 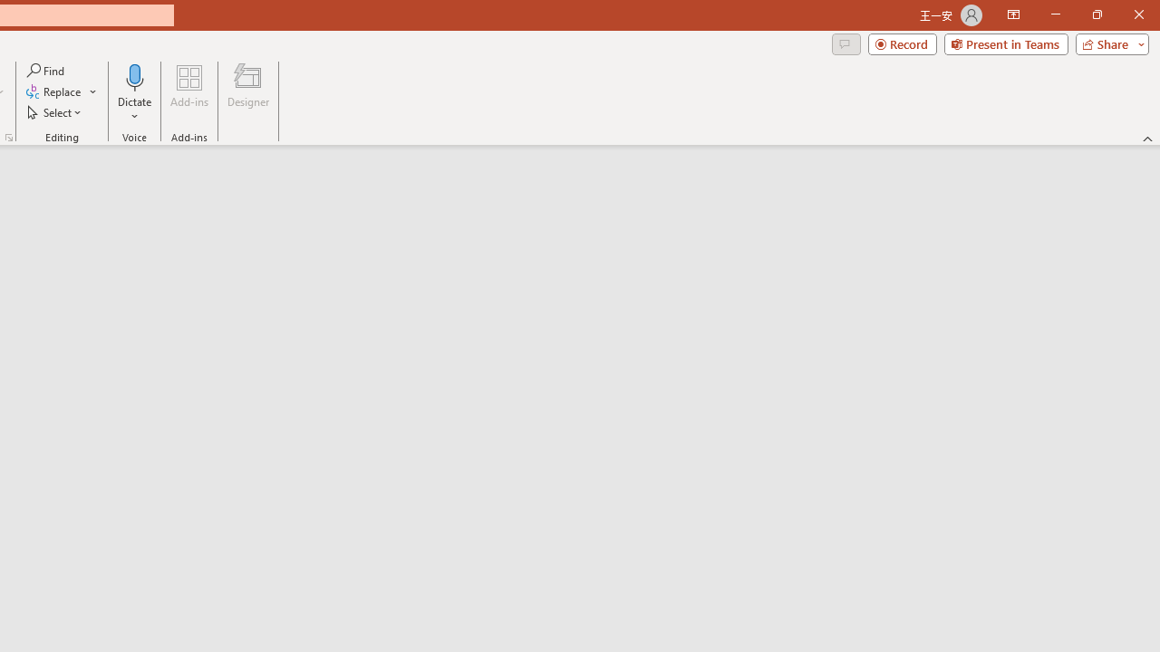 I want to click on 'Format Object...', so click(x=9, y=136).